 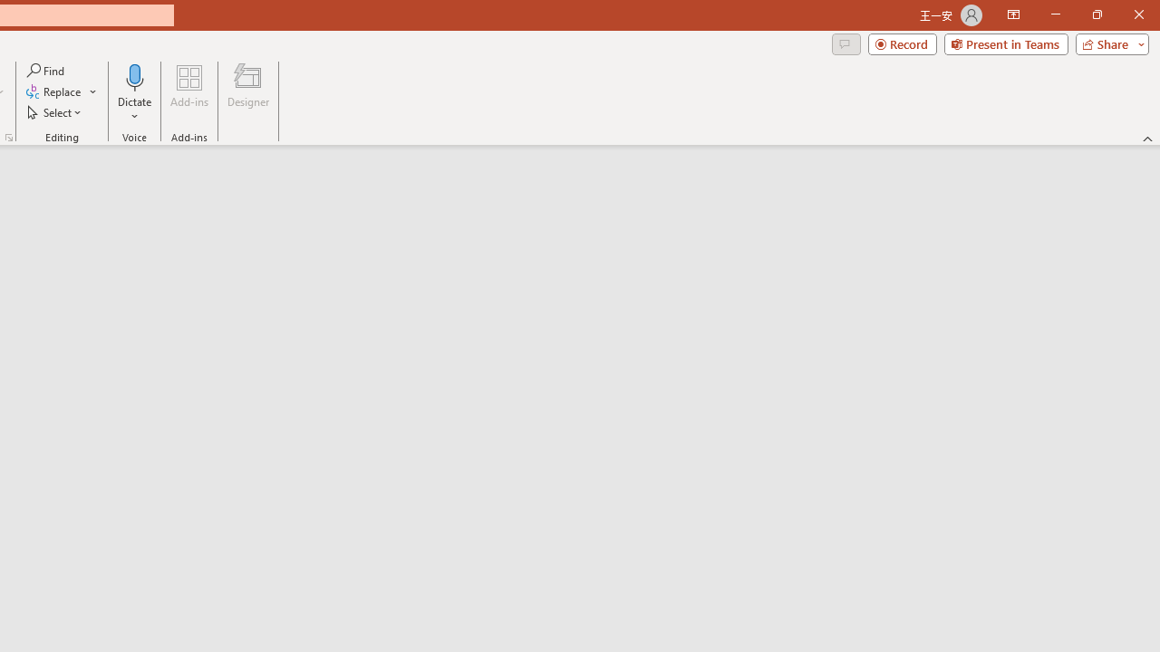 I want to click on 'Format Object...', so click(x=9, y=136).